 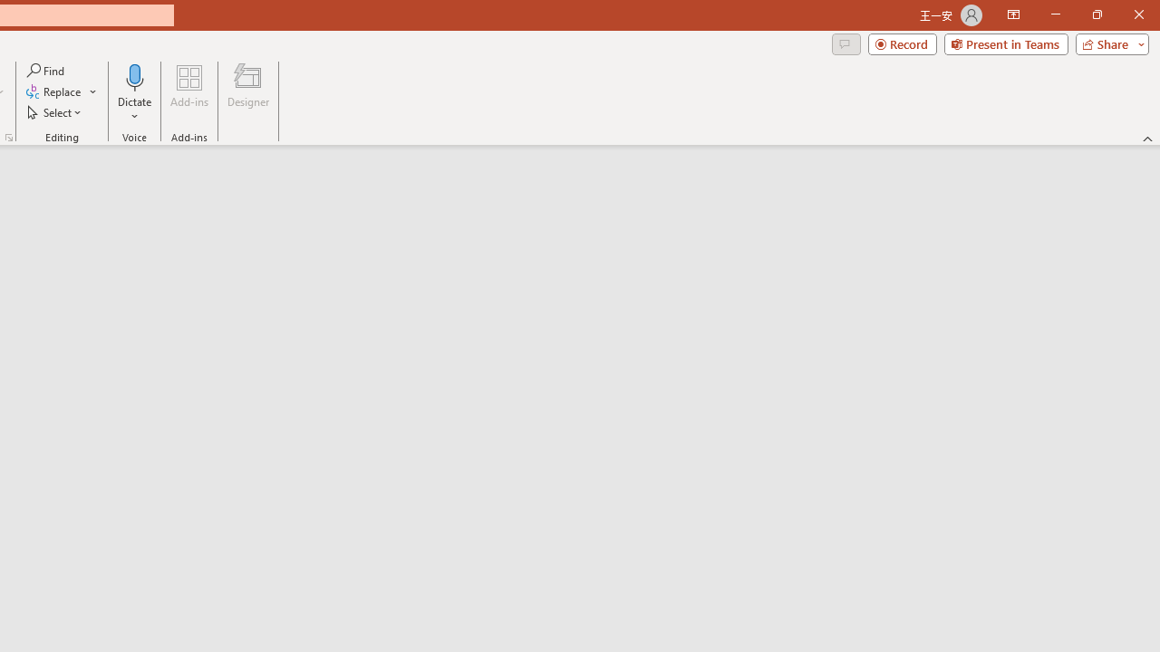 I want to click on 'Format Object...', so click(x=9, y=136).